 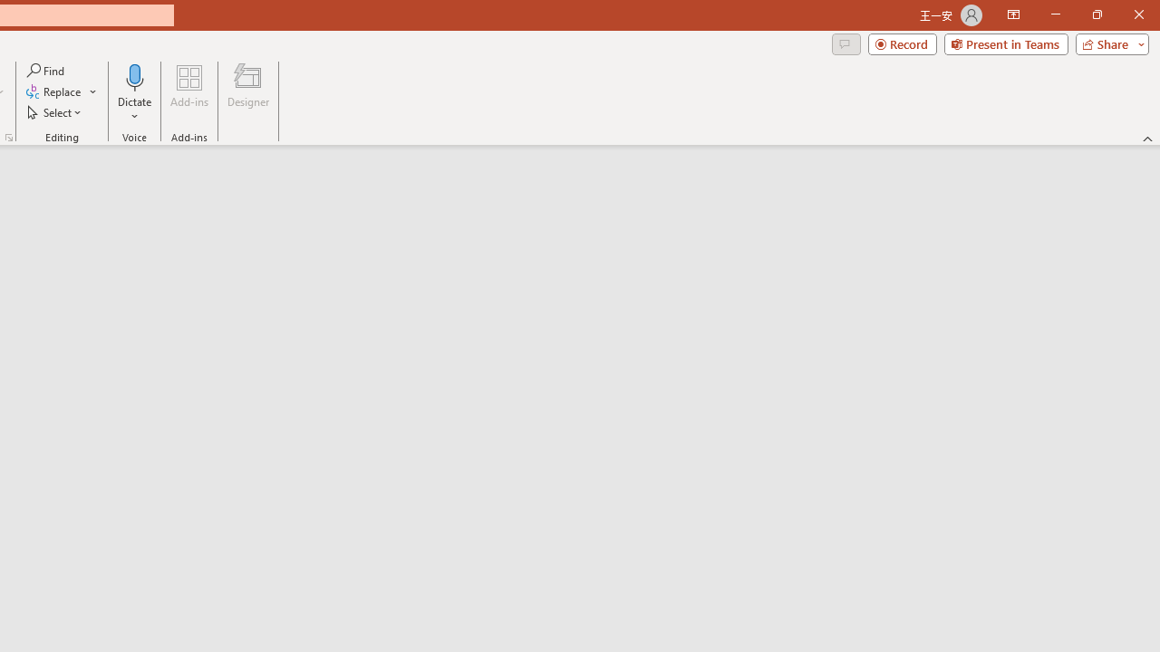 I want to click on 'Format Object...', so click(x=9, y=136).